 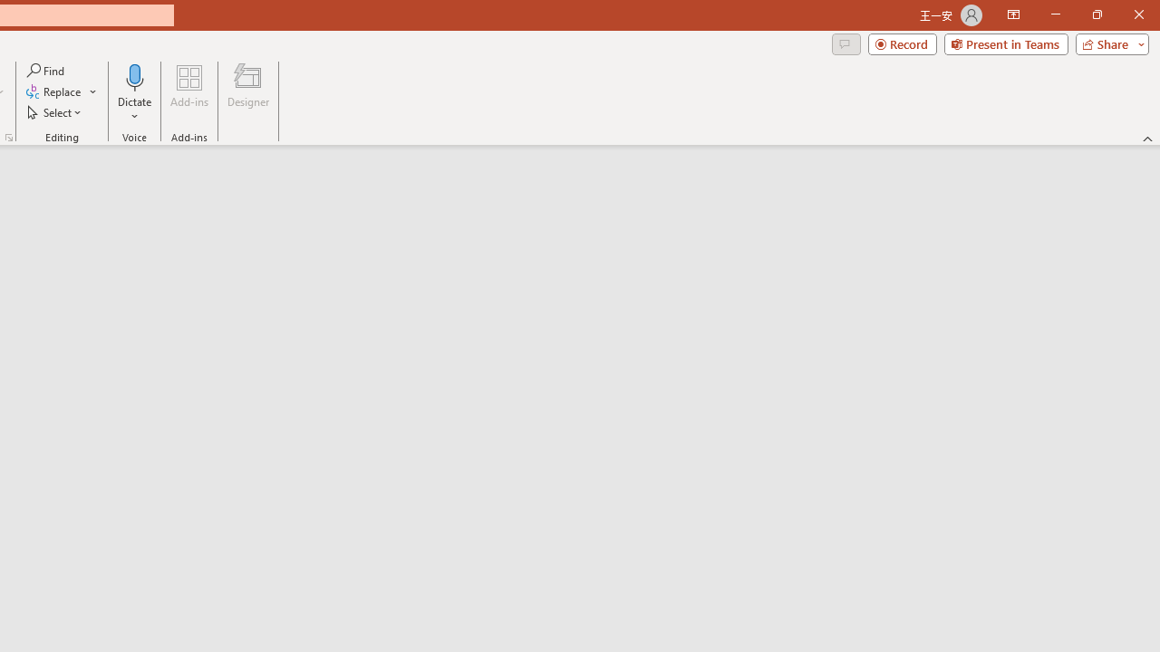 I want to click on 'Format Object...', so click(x=9, y=136).